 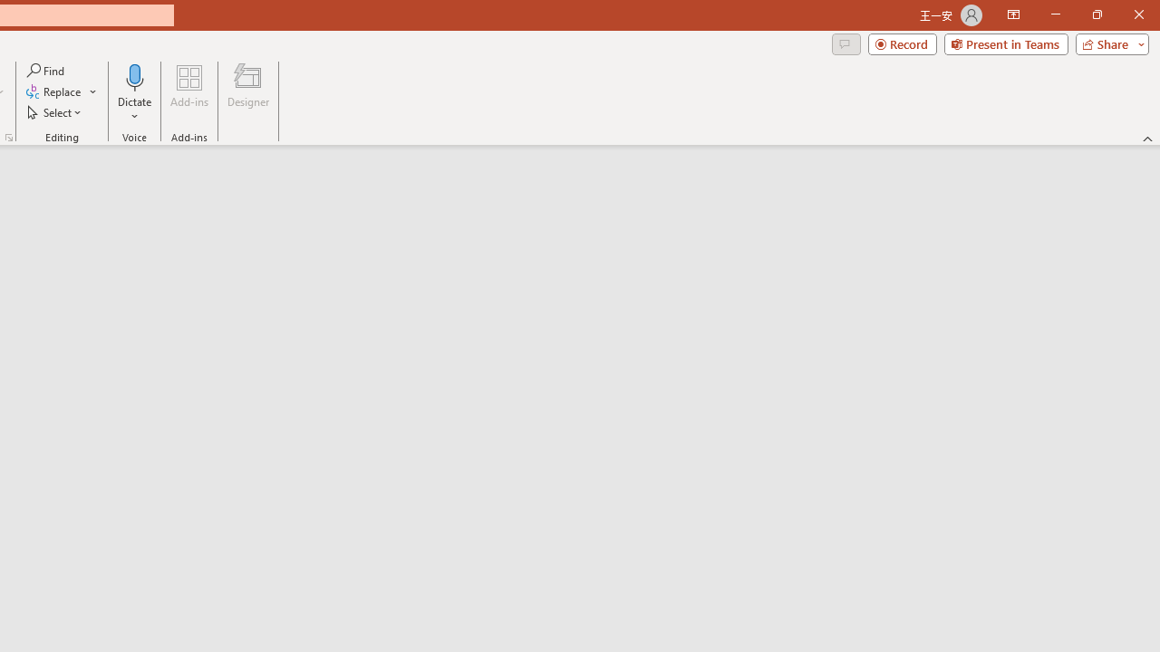 I want to click on 'Format Object...', so click(x=9, y=136).